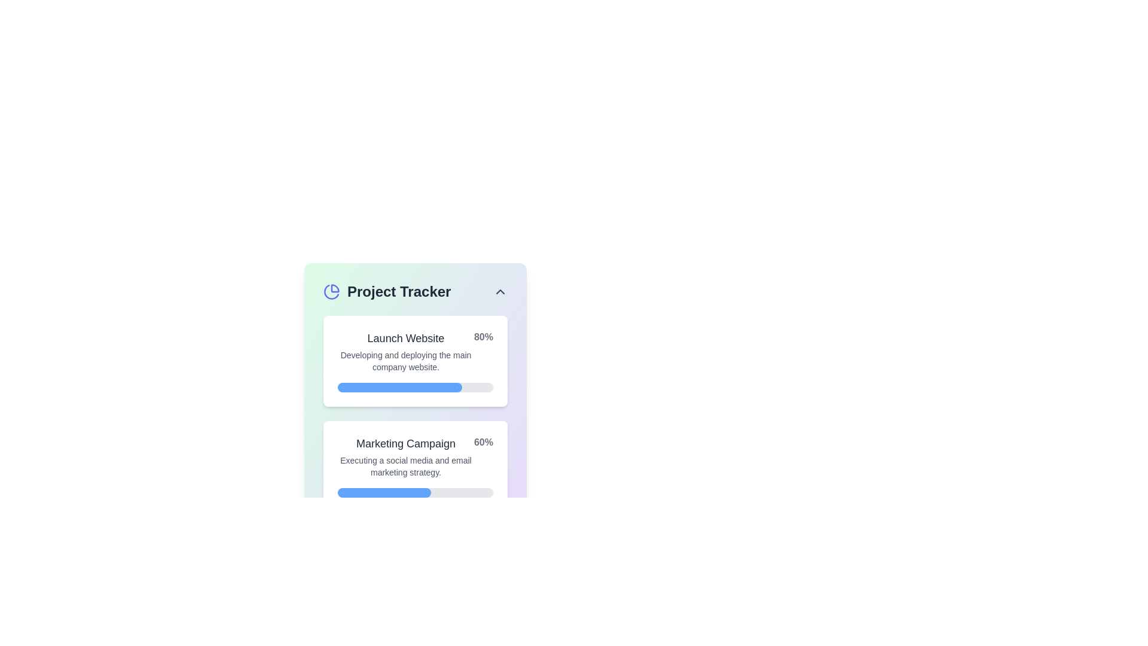 This screenshot has width=1148, height=646. Describe the element at coordinates (500, 292) in the screenshot. I see `the small triangular chevron icon styled in dark gray, located at the top-right corner adjacent to 'Project Tracker'` at that location.